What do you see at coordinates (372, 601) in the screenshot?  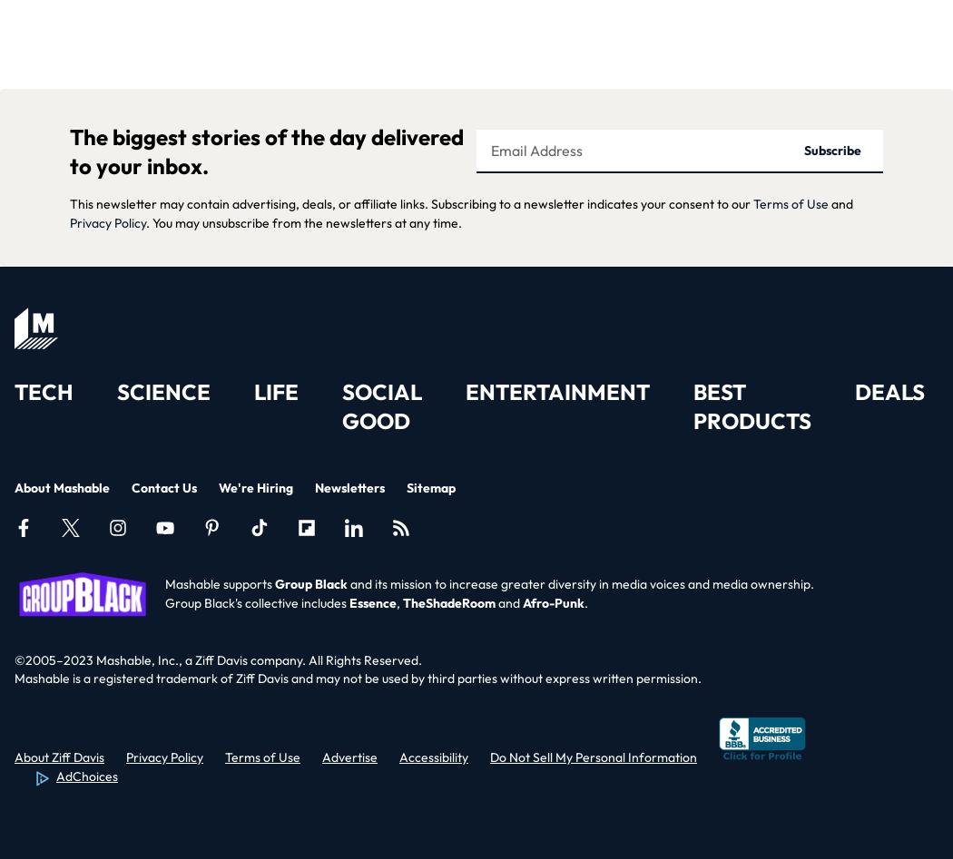 I see `'Essence'` at bounding box center [372, 601].